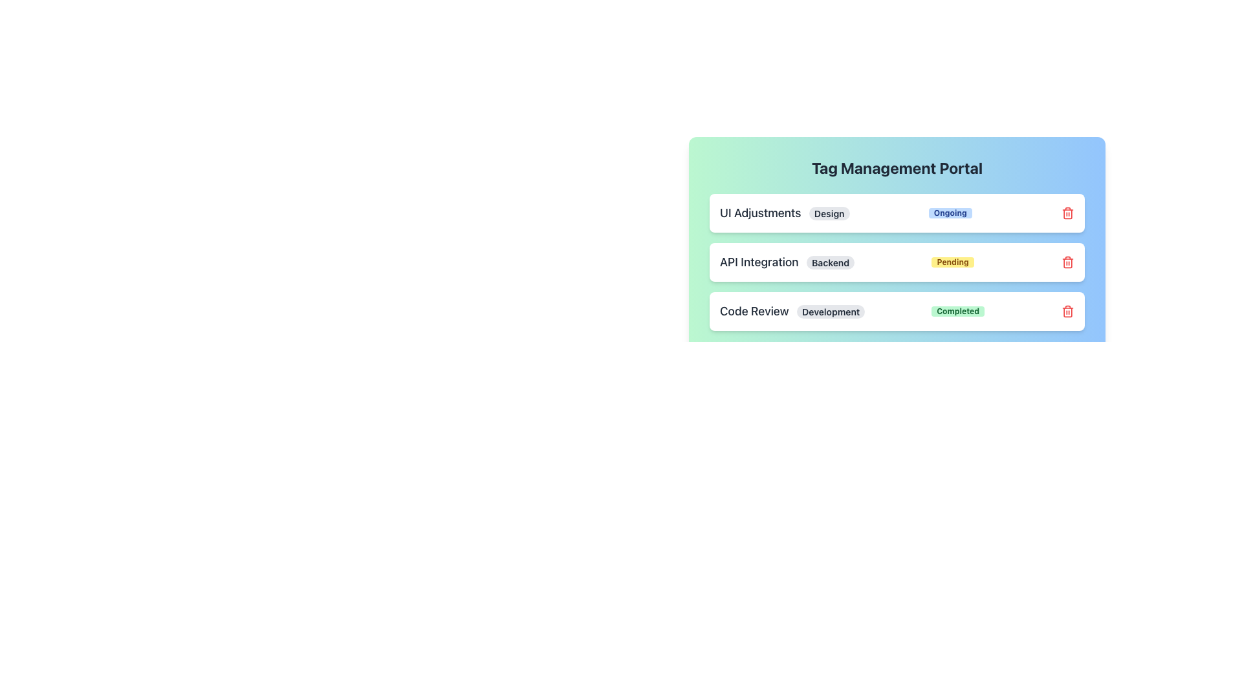 This screenshot has width=1242, height=698. I want to click on the second card in the list of cards labeled 'API Integration', so click(897, 262).